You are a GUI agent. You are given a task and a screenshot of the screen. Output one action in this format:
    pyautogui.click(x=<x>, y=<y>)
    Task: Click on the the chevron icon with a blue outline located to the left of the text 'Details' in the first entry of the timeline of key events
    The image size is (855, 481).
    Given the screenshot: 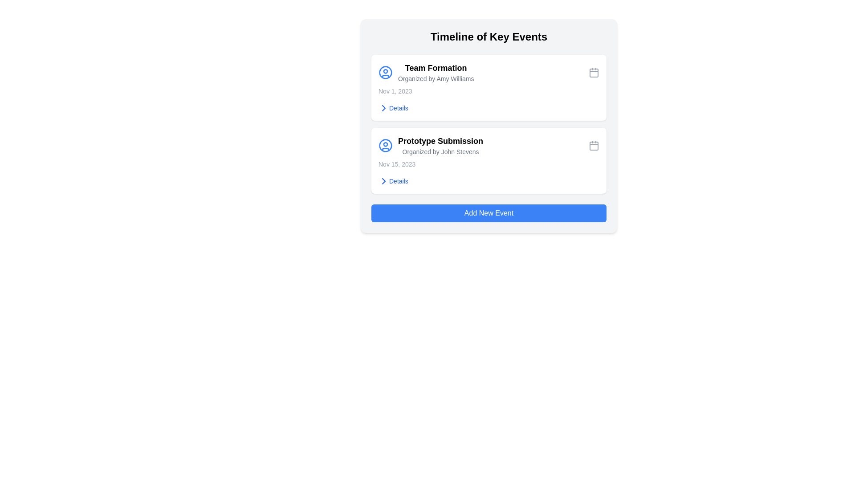 What is the action you would take?
    pyautogui.click(x=384, y=108)
    